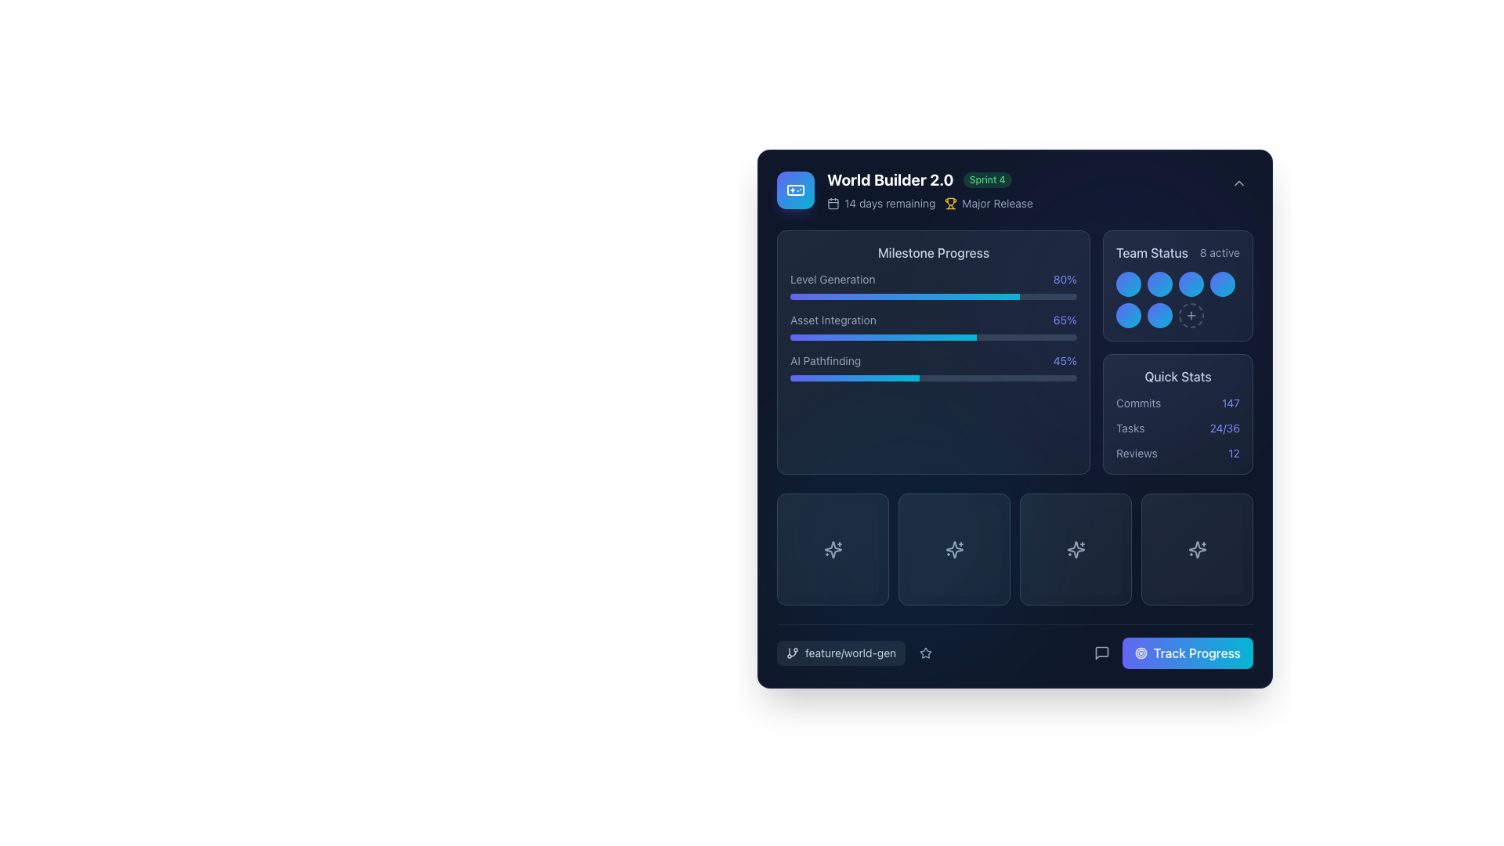  I want to click on the 'Major Release' text label that features a yellow trophy icon, located centrally in the header section of the card-like interface, so click(988, 202).